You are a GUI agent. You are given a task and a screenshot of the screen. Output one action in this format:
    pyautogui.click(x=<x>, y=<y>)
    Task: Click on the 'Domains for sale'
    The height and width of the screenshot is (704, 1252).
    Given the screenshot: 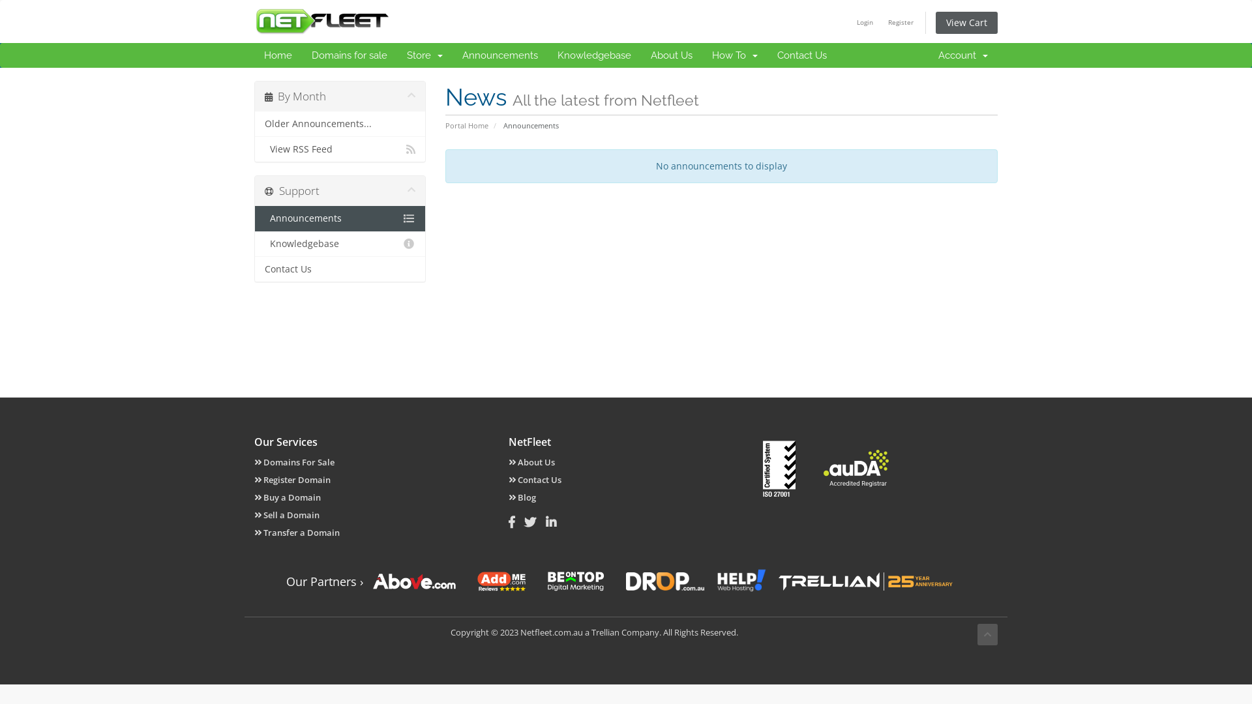 What is the action you would take?
    pyautogui.click(x=350, y=54)
    